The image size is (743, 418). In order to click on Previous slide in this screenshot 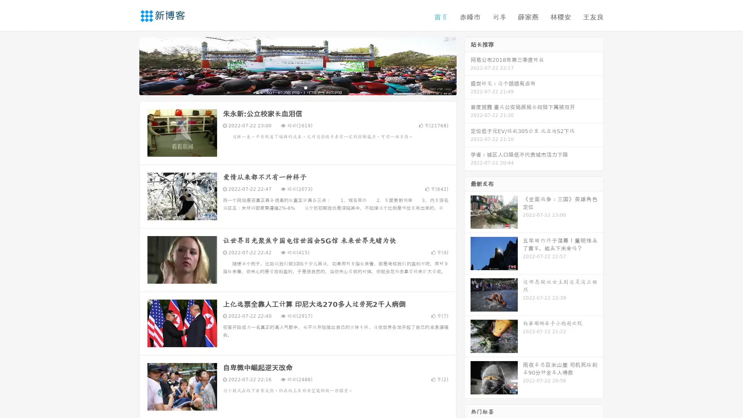, I will do `click(128, 65)`.